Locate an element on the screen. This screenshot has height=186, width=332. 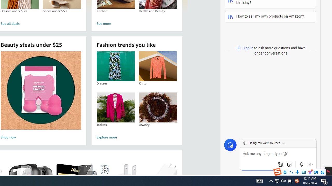
'Explore more' is located at coordinates (137, 137).